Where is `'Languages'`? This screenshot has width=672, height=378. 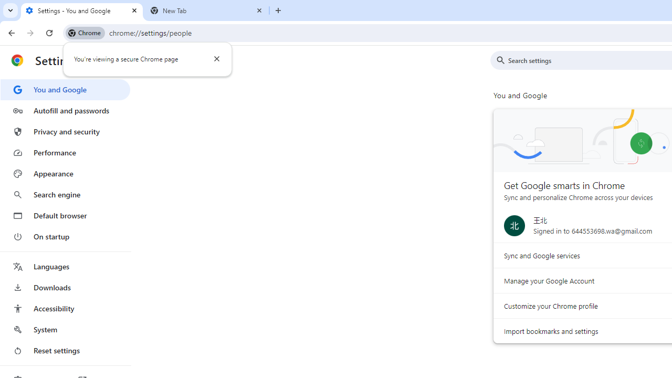 'Languages' is located at coordinates (65, 266).